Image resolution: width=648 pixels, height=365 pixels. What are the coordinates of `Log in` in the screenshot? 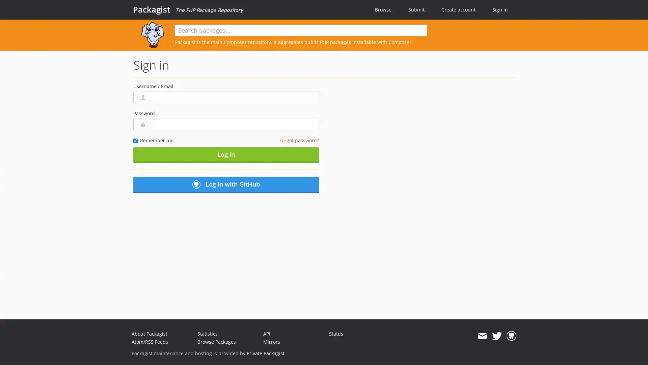 It's located at (226, 155).